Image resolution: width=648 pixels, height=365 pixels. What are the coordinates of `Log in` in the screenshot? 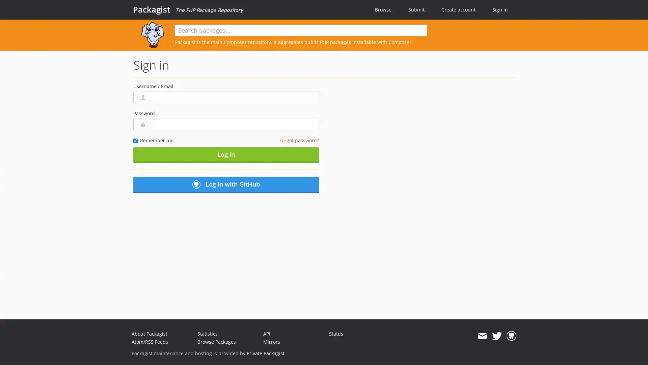 It's located at (226, 155).